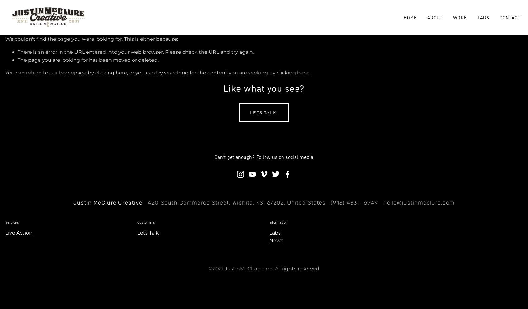 The height and width of the screenshot is (309, 528). What do you see at coordinates (354, 203) in the screenshot?
I see `'(913) 433 - 6949'` at bounding box center [354, 203].